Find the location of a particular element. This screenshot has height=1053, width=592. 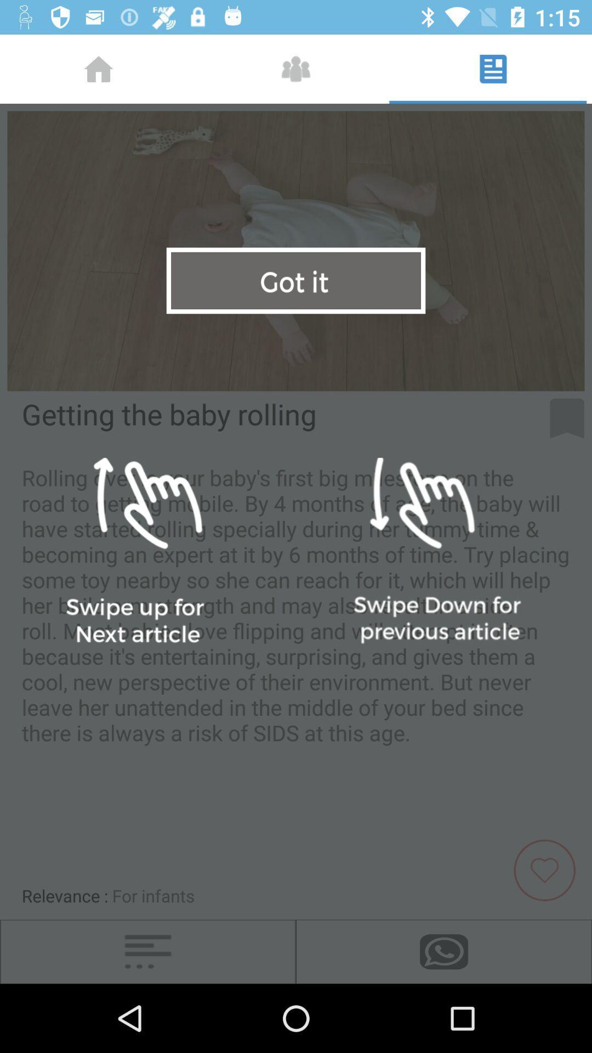

page as favorite is located at coordinates (549, 869).